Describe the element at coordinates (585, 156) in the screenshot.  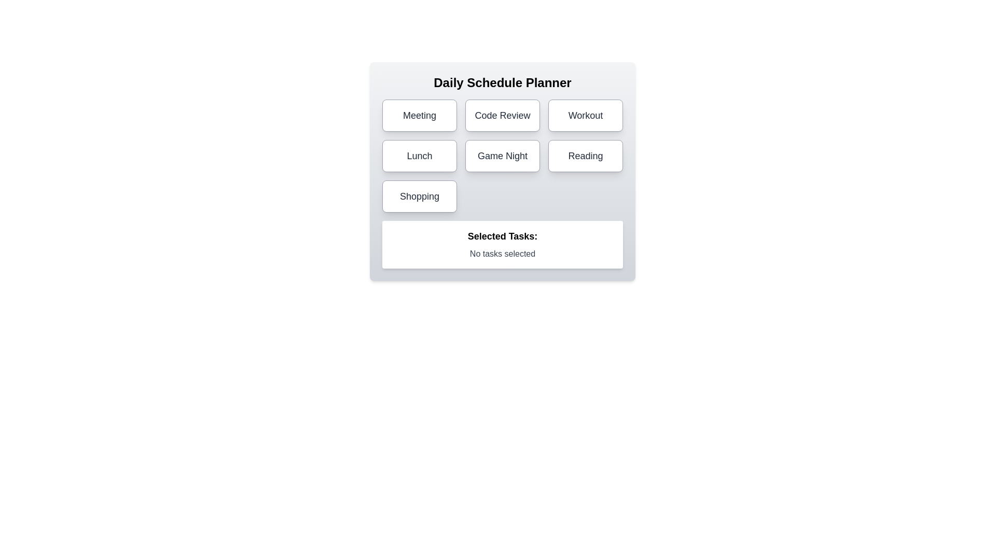
I see `the button corresponding to Reading` at that location.